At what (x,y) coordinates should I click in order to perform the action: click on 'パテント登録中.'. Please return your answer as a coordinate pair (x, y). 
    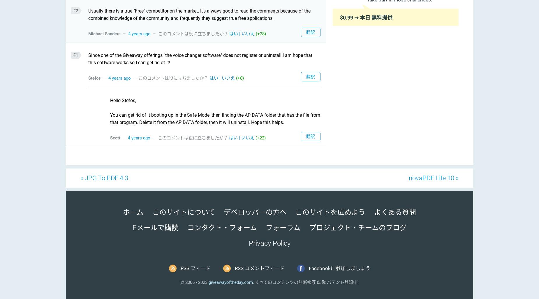
    Looking at the image, I should click on (325, 282).